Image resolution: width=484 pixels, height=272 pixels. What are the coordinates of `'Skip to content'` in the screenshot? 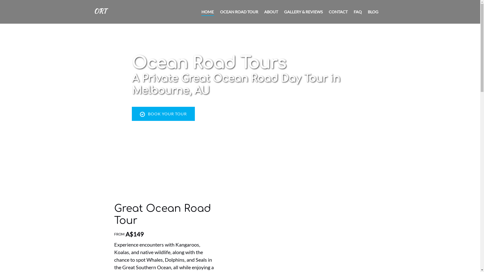 It's located at (16, 6).